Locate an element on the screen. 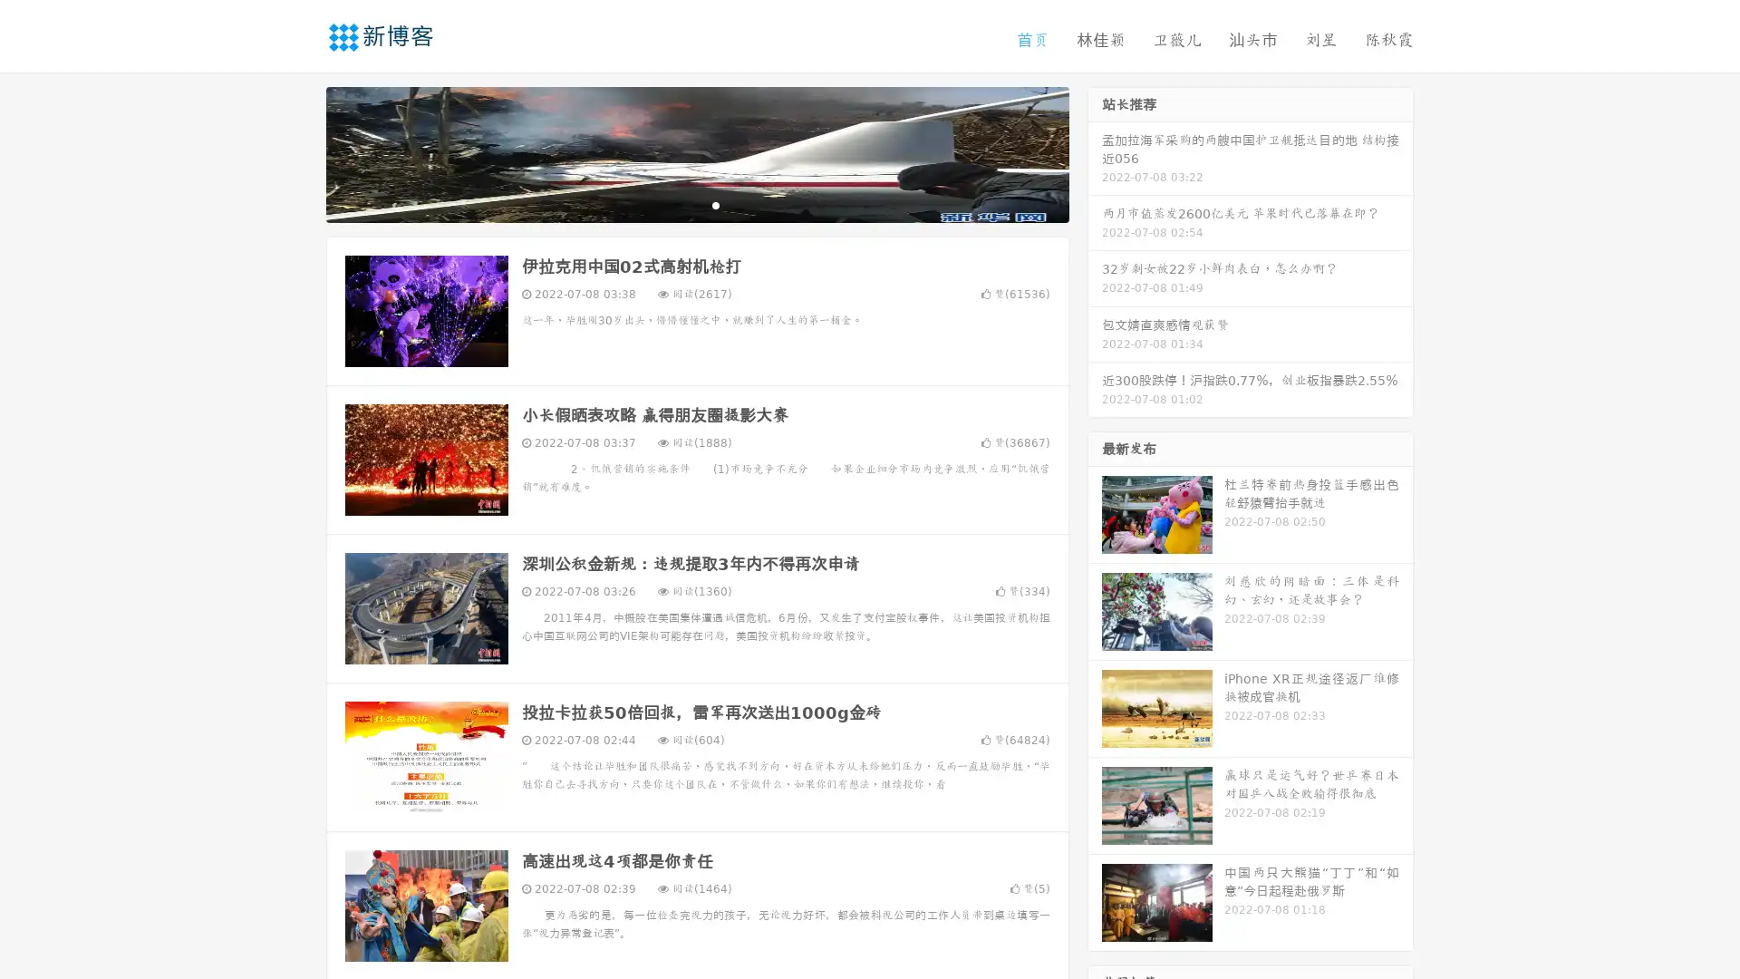  Go to slide 1 is located at coordinates (678, 204).